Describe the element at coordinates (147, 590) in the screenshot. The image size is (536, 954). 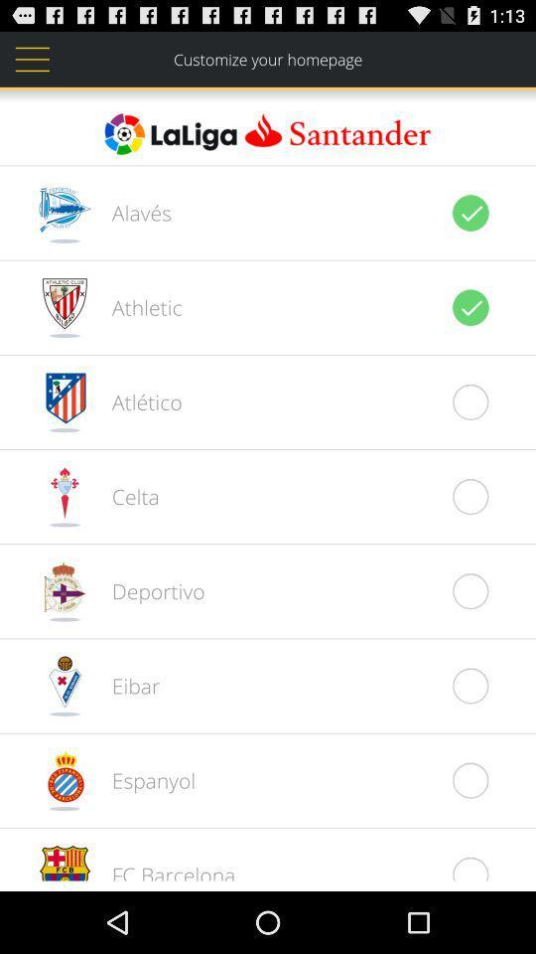
I see `deportivo` at that location.